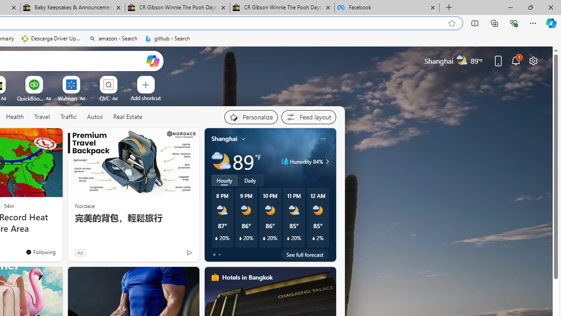 The image size is (561, 316). I want to click on 'Class: weather-arrow-glyph', so click(327, 161).